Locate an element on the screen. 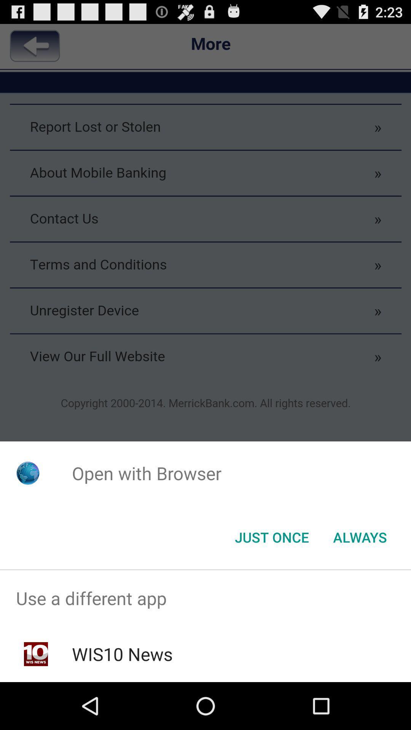  the wis10 news is located at coordinates (122, 654).